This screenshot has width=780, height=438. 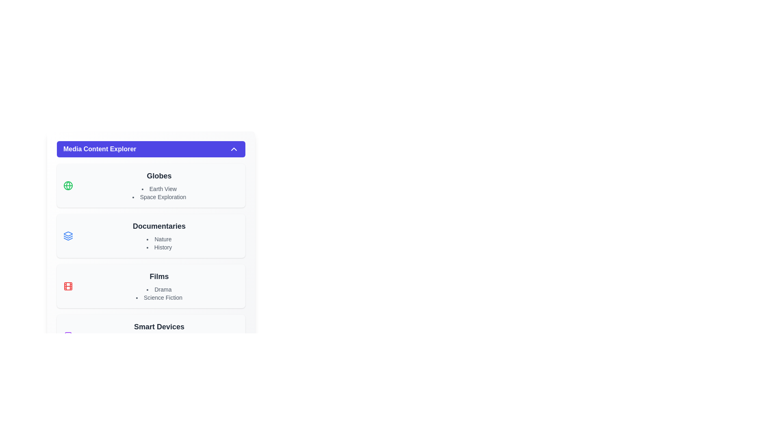 I want to click on contents of the text group containing 'Earth View' and 'Space Exploration' in the middle section of the 'Globes' category, so click(x=159, y=193).